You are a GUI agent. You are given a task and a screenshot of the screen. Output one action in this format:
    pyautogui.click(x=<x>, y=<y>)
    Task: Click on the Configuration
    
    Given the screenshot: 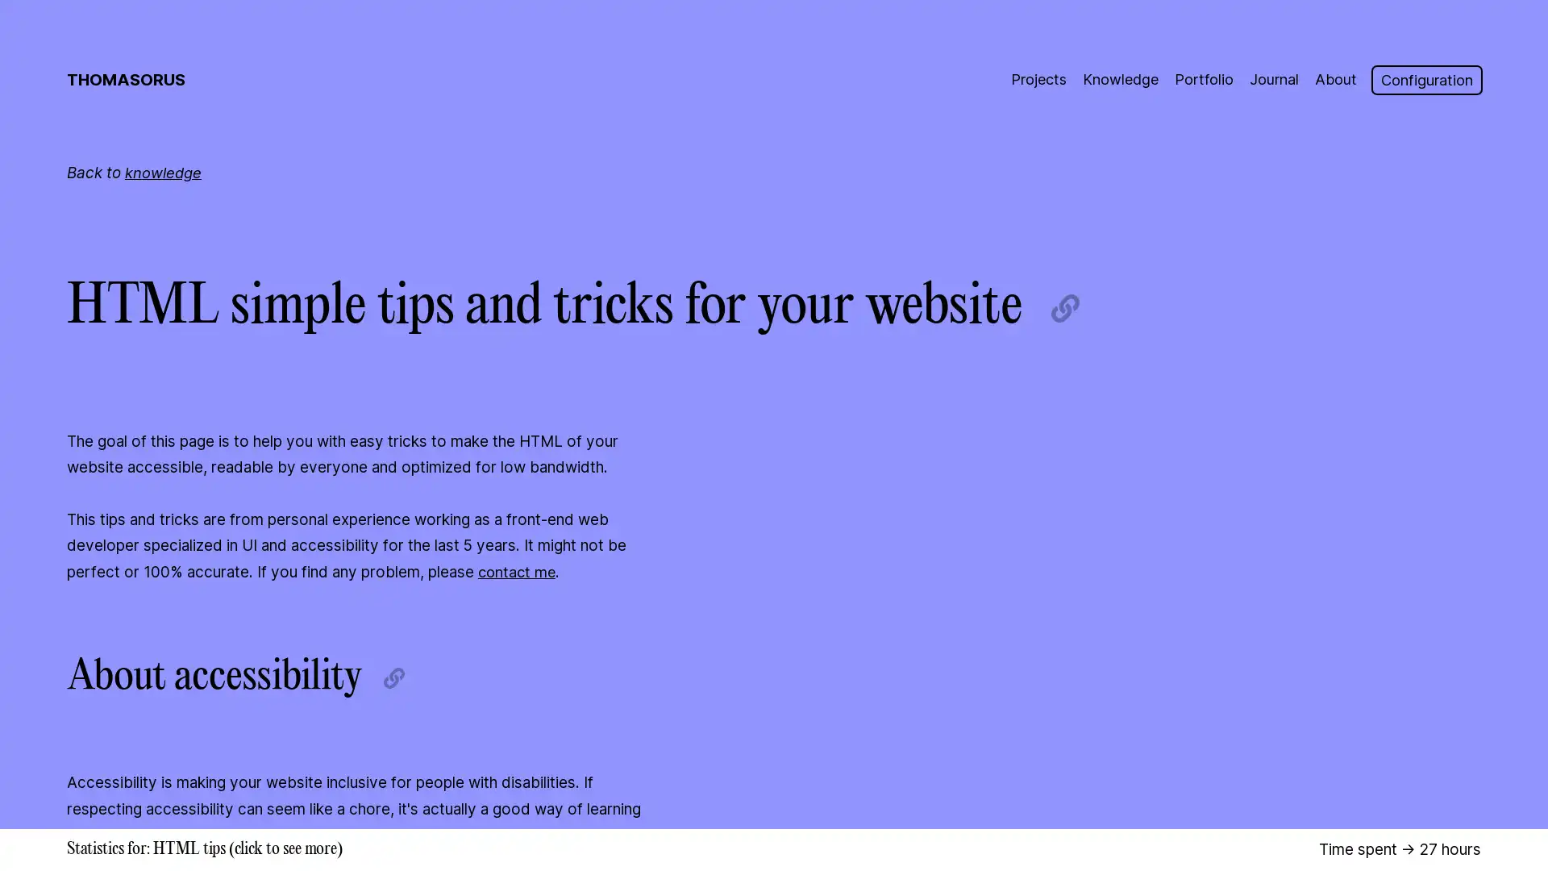 What is the action you would take?
    pyautogui.click(x=1425, y=80)
    